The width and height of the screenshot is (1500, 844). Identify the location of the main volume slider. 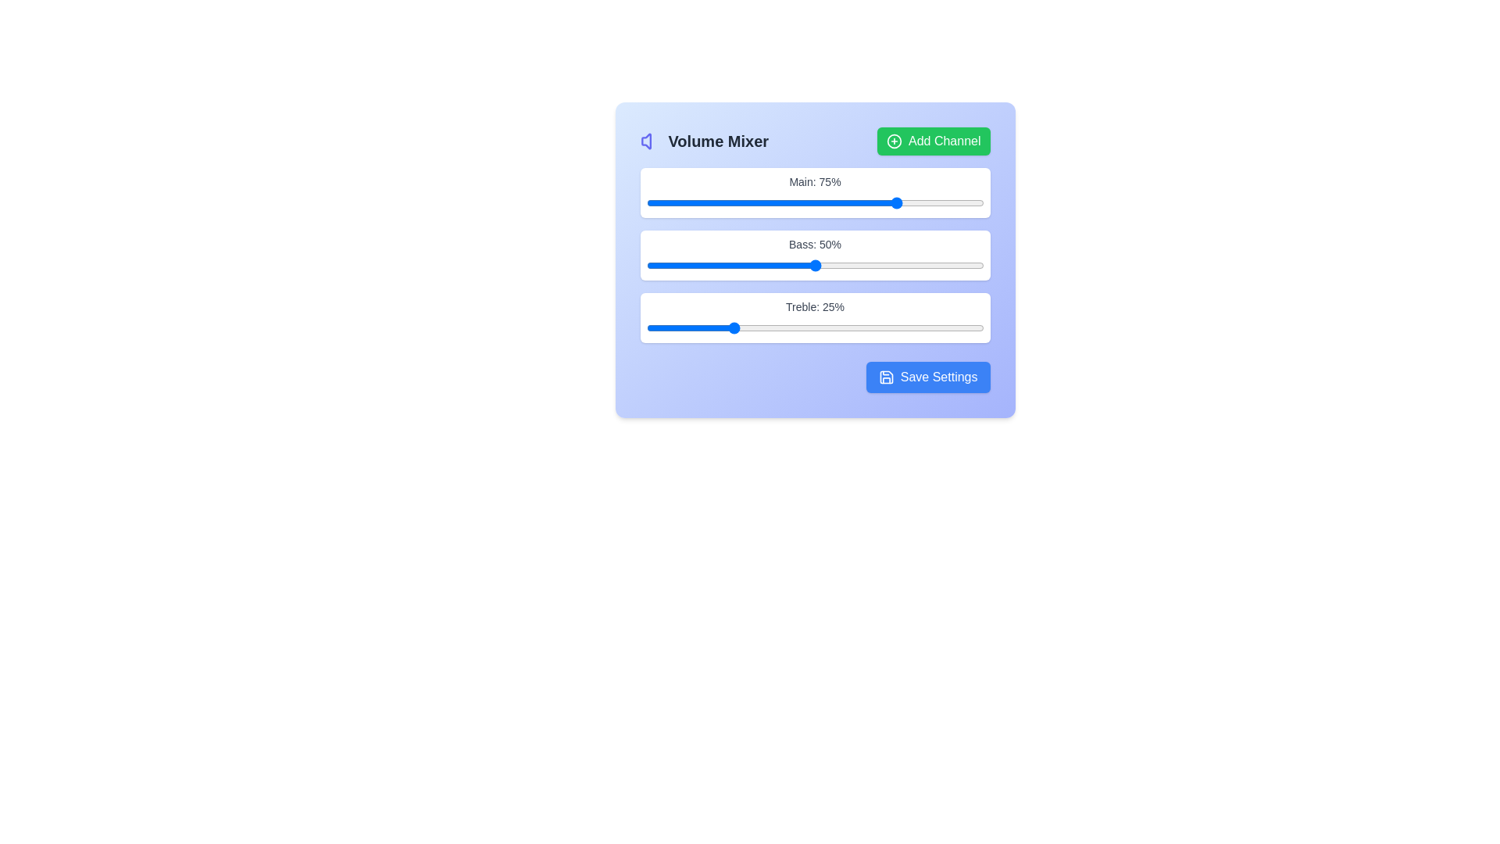
(791, 202).